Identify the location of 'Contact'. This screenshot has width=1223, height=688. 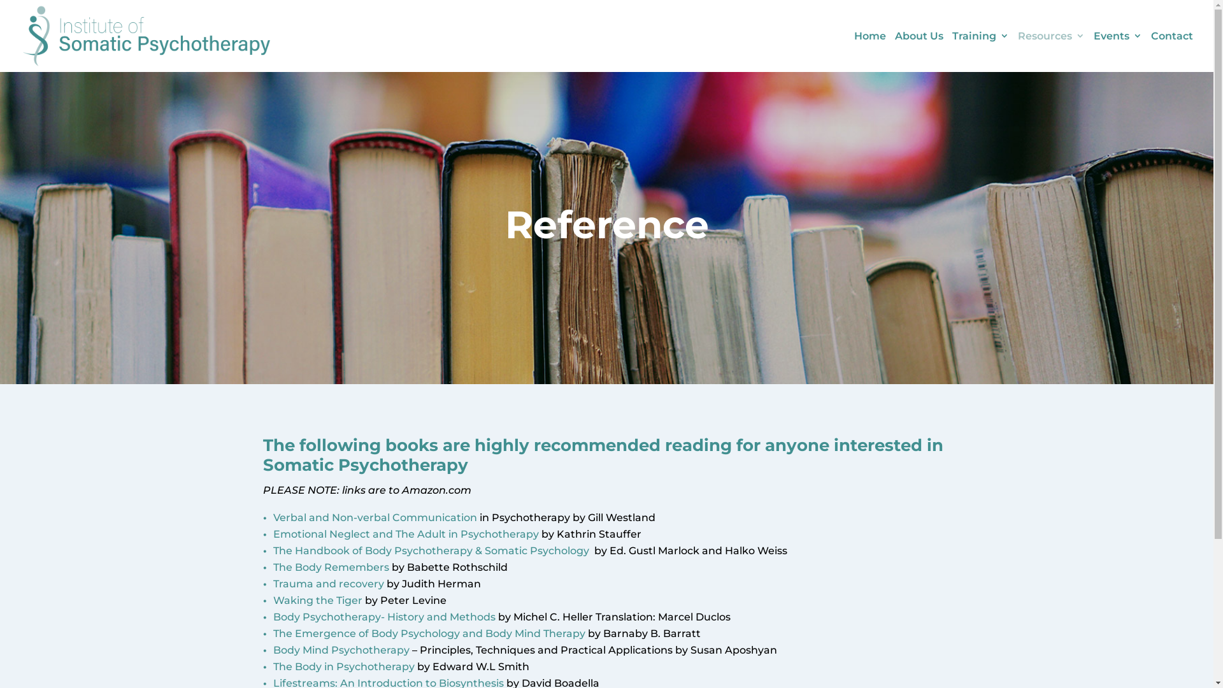
(1171, 51).